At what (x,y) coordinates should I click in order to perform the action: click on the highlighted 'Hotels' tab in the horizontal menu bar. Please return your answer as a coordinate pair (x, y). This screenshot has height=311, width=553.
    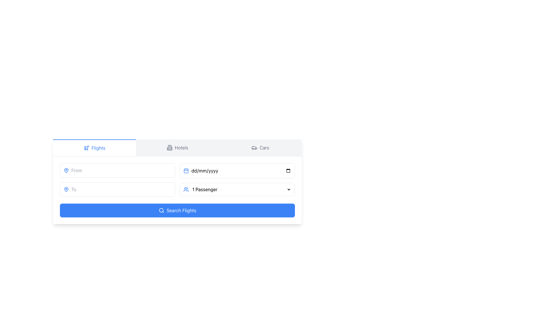
    Looking at the image, I should click on (177, 147).